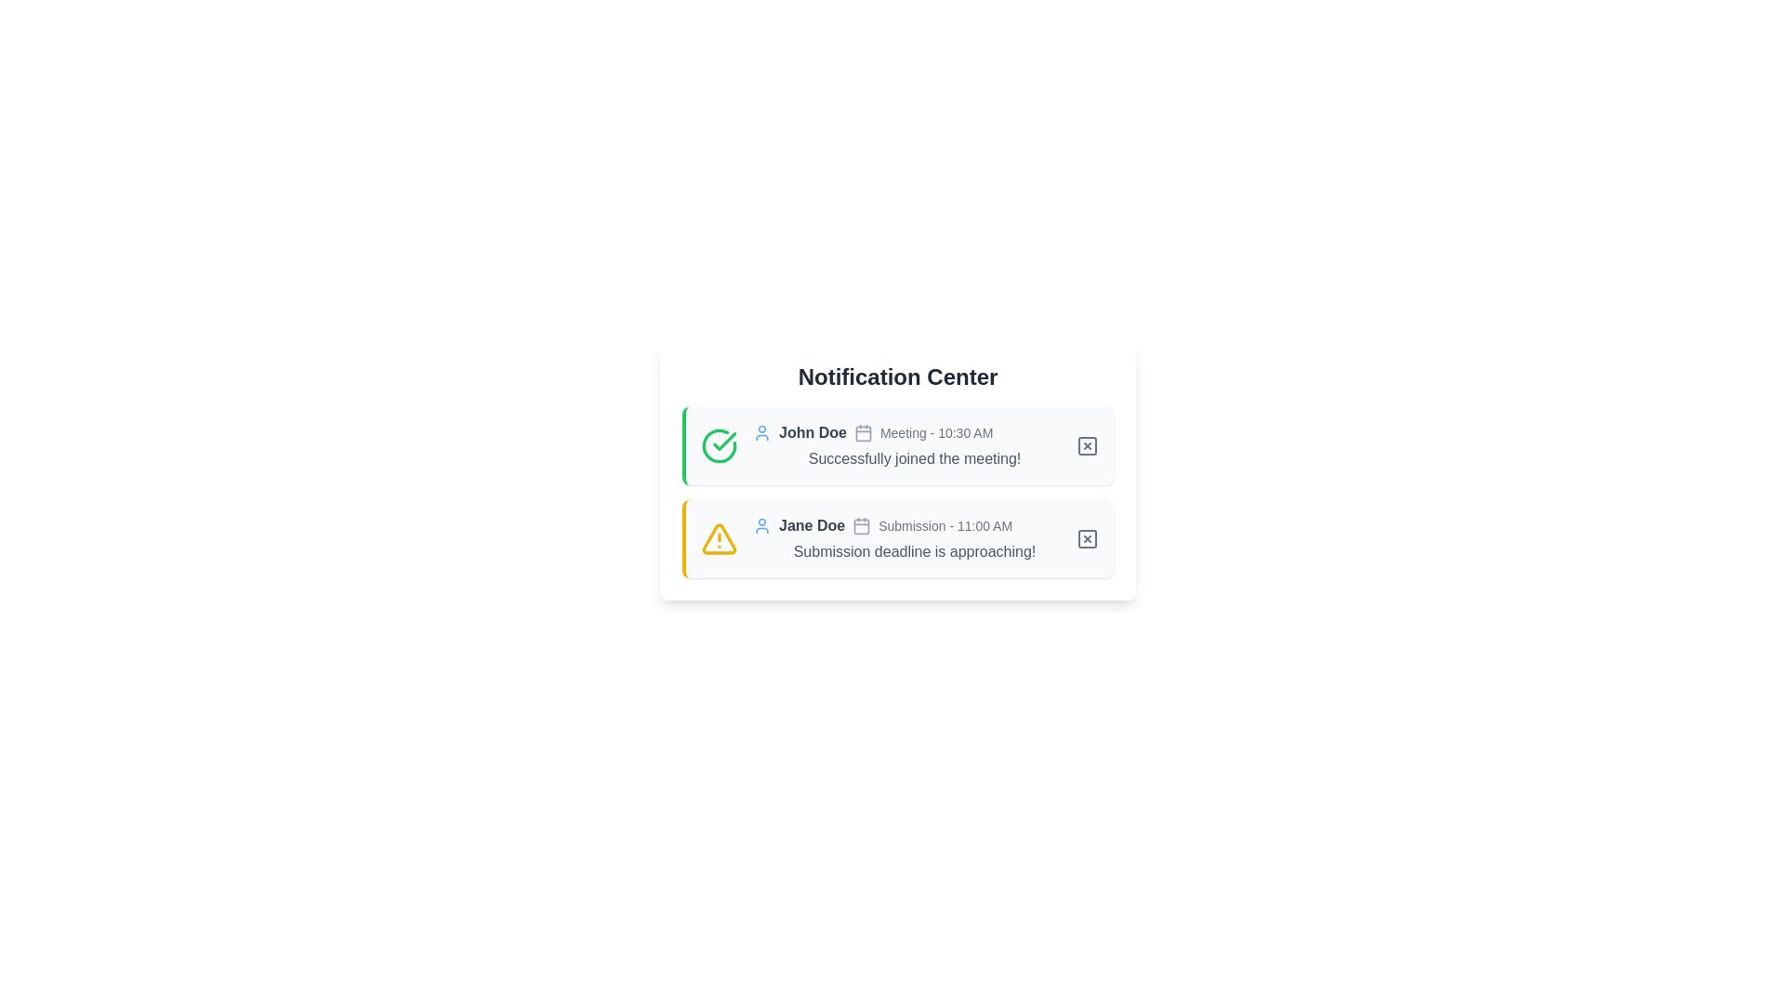  What do you see at coordinates (914, 538) in the screenshot?
I see `the notification component displaying a warning with the title 'Jane Doe', which is the second notification in the Notification Center card` at bounding box center [914, 538].